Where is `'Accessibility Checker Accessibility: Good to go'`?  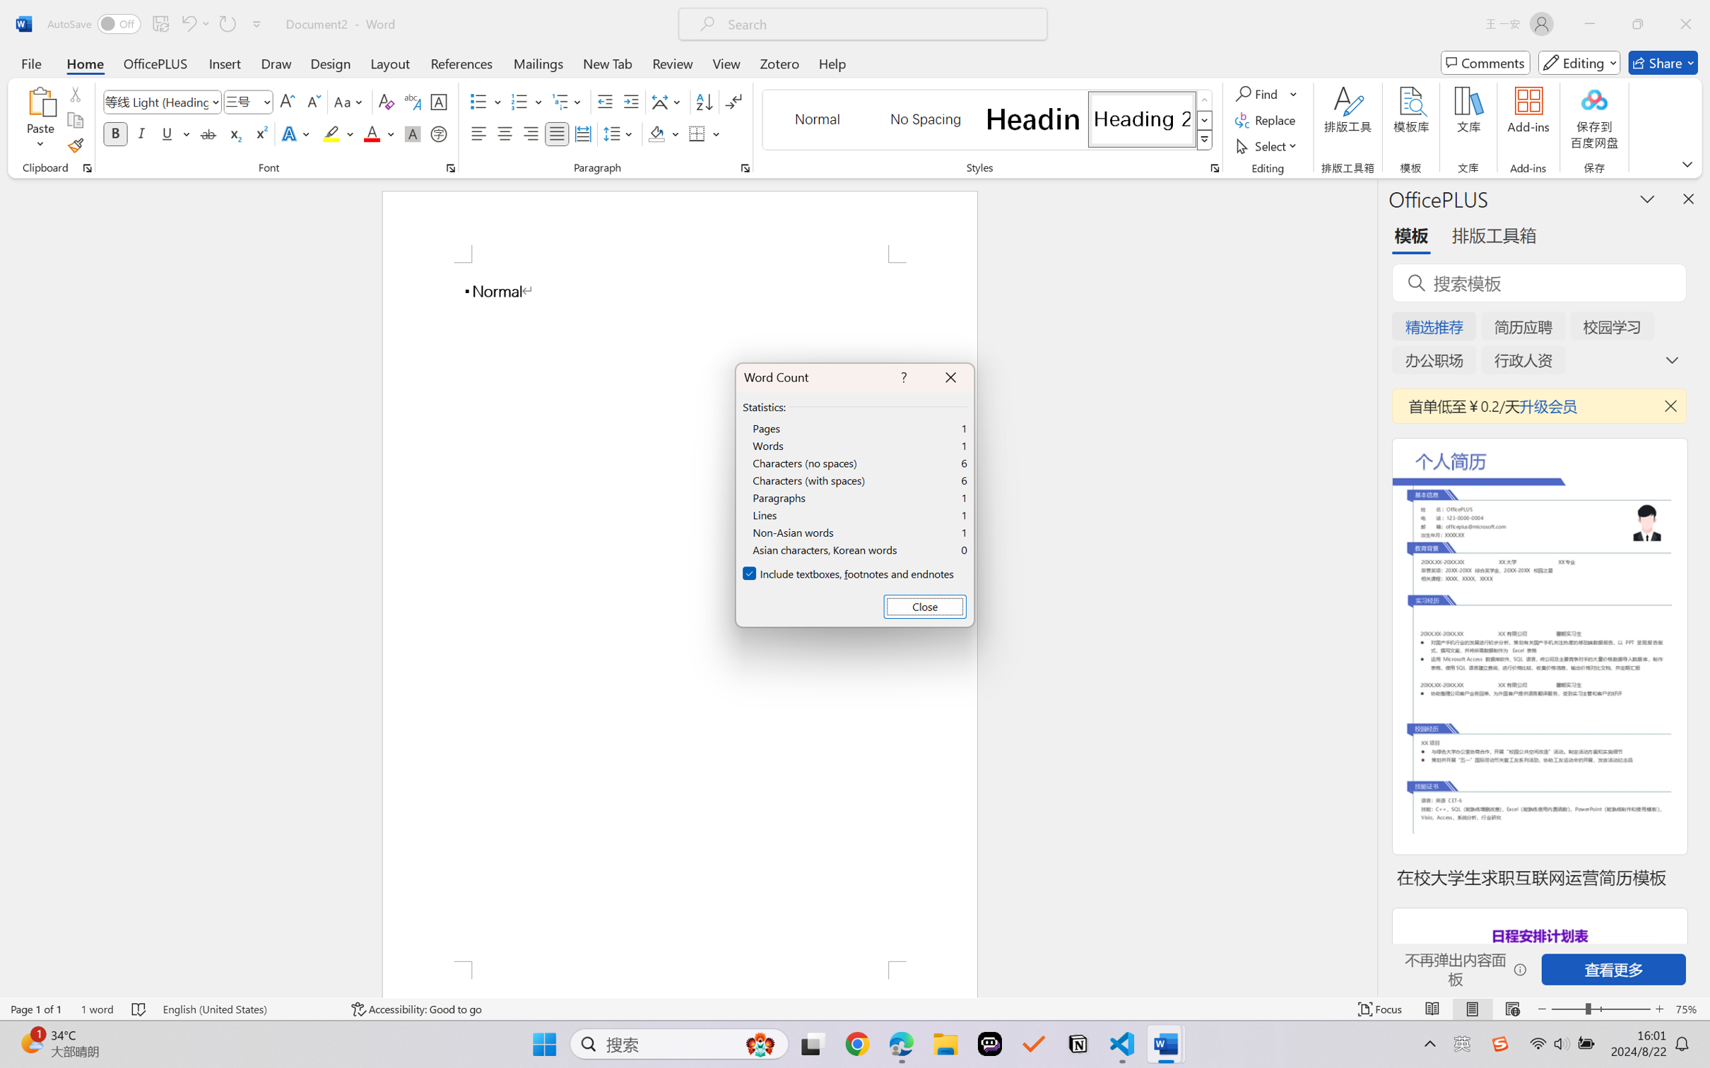 'Accessibility Checker Accessibility: Good to go' is located at coordinates (415, 1009).